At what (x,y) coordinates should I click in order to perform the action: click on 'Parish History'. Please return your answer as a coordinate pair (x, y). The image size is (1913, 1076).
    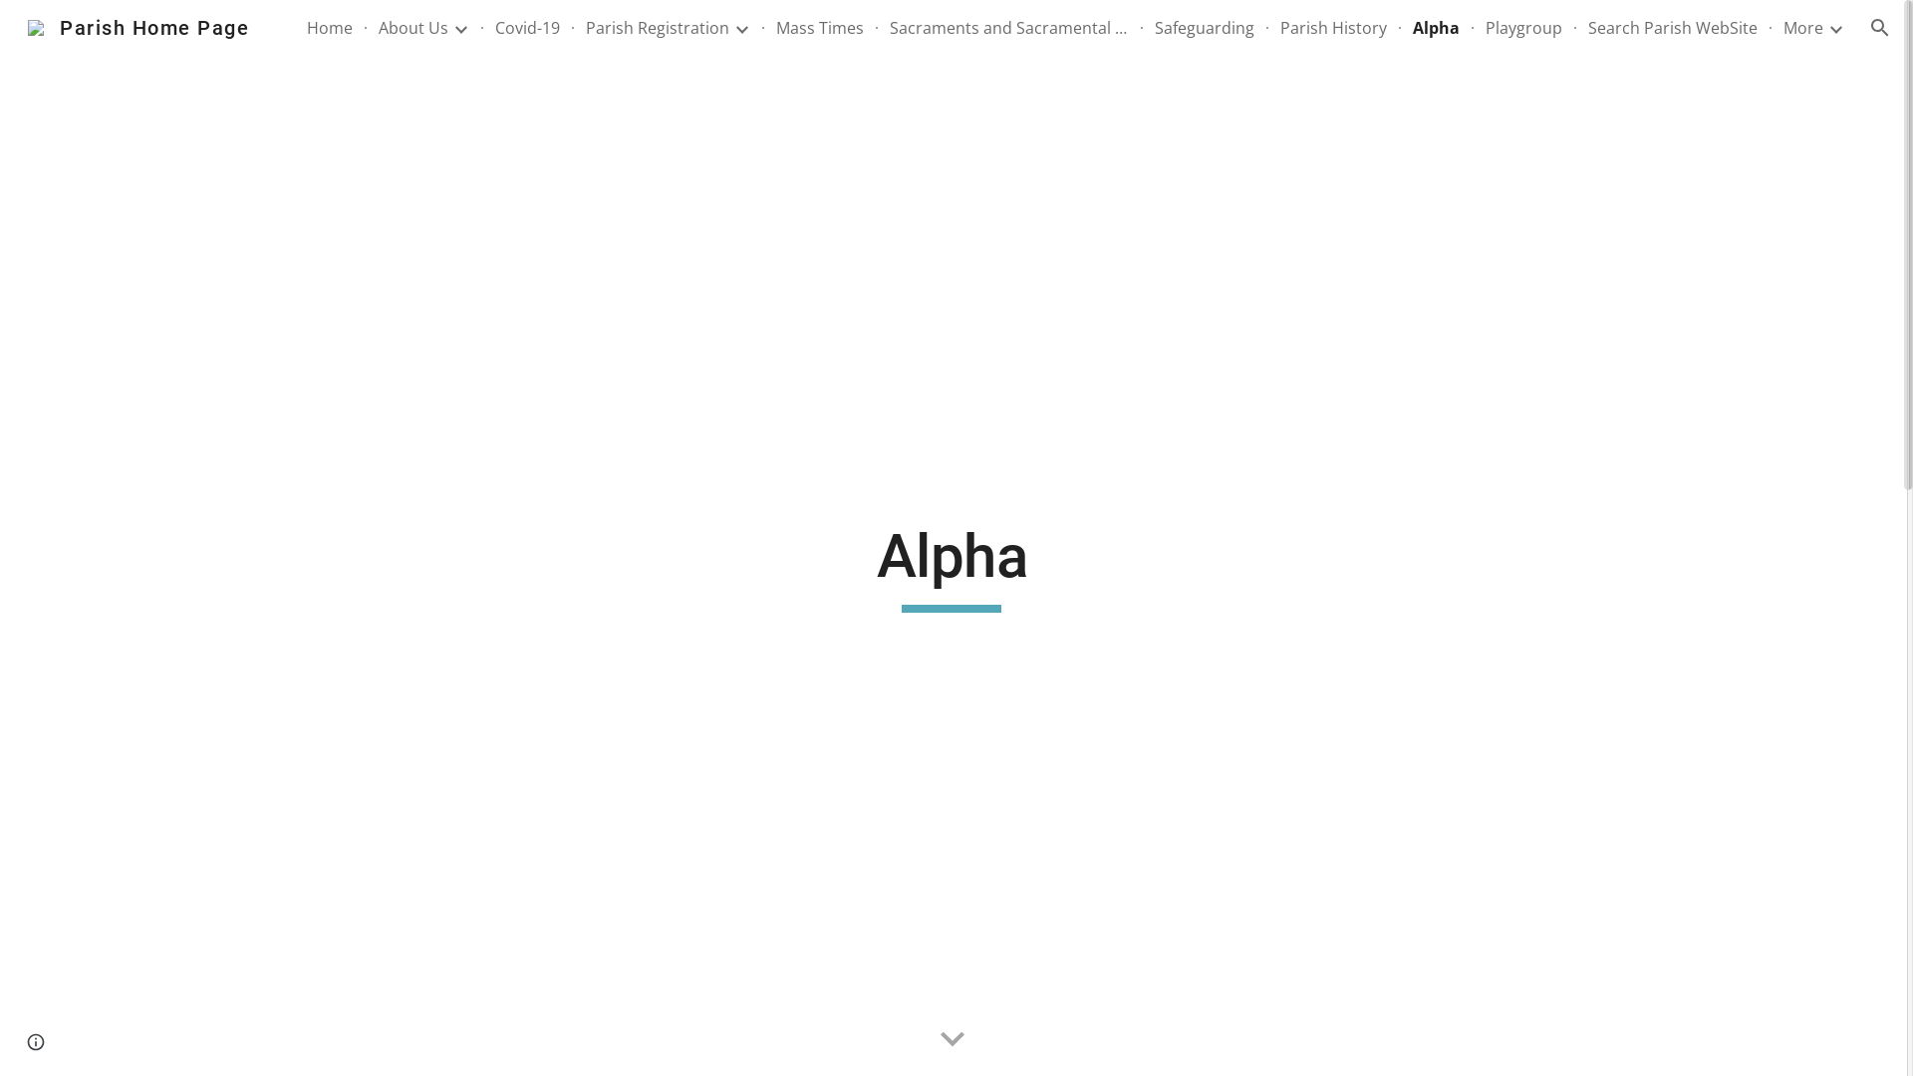
    Looking at the image, I should click on (1333, 27).